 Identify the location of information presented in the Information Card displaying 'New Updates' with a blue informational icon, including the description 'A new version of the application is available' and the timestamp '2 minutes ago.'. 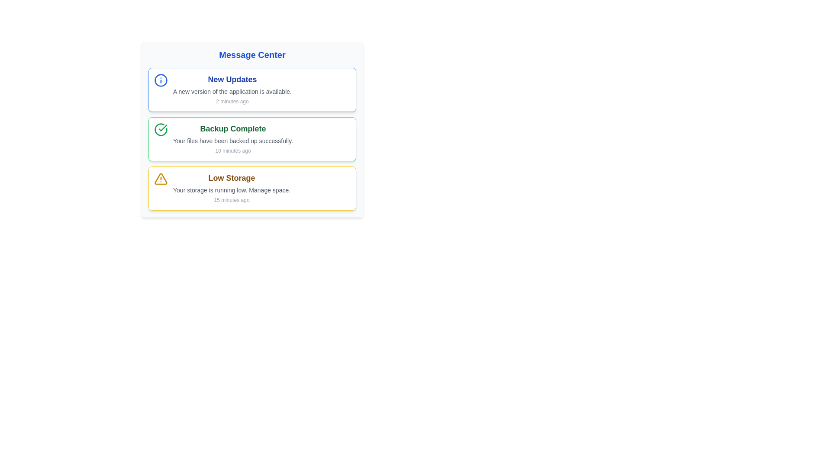
(222, 90).